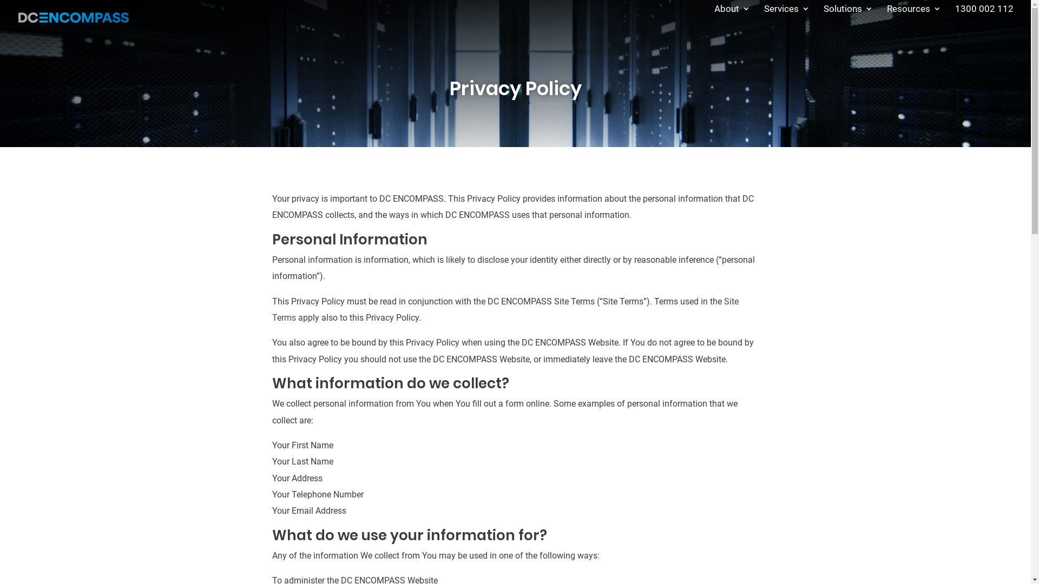 The height and width of the screenshot is (584, 1039). What do you see at coordinates (913, 17) in the screenshot?
I see `'Resources'` at bounding box center [913, 17].